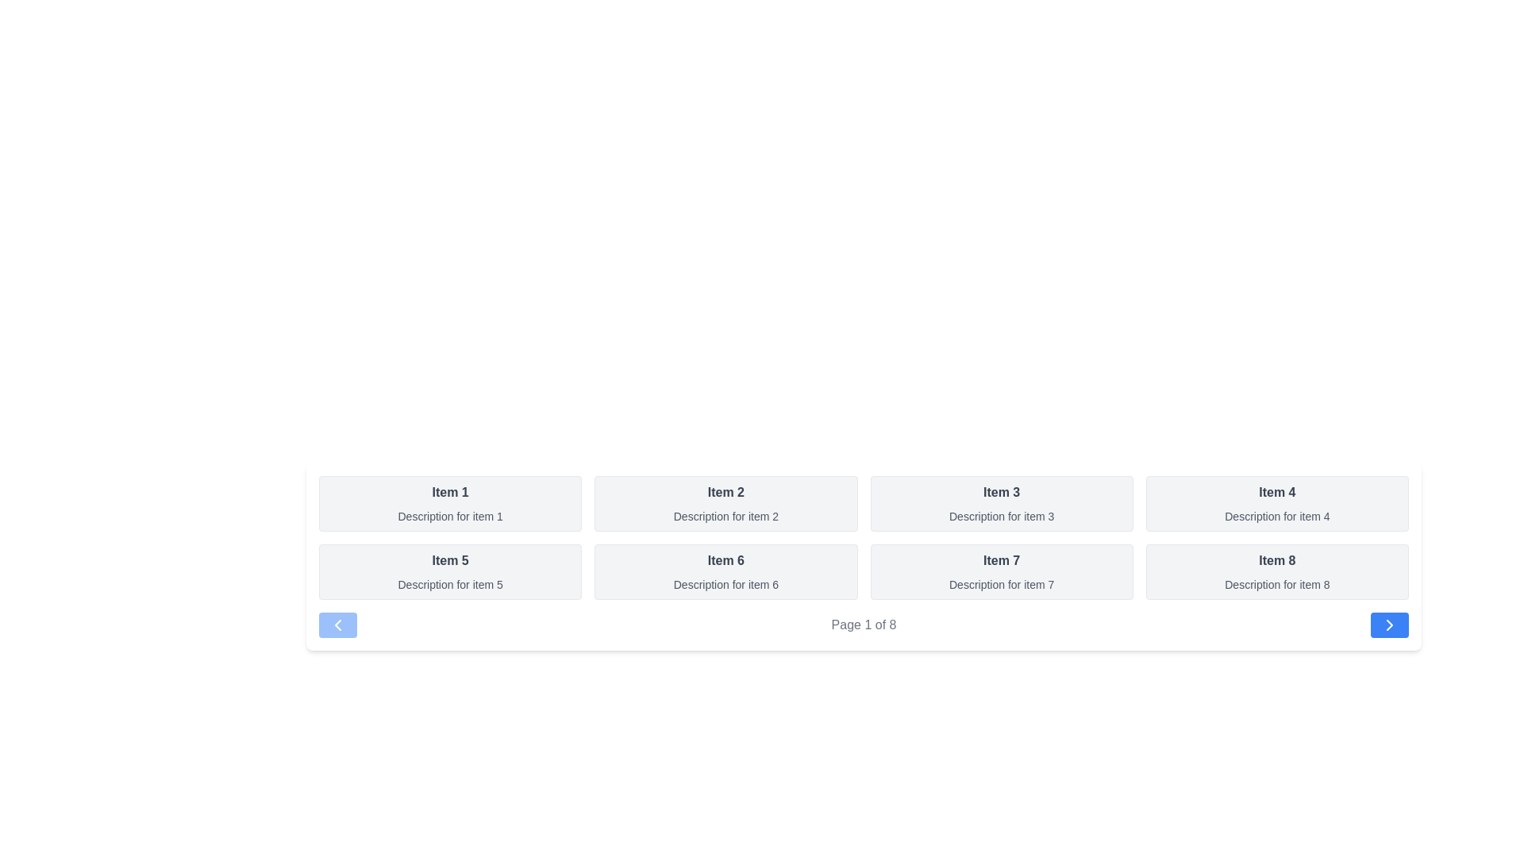  I want to click on bold text 'Item 8' displayed in dark gray on a light gray background, located at the bottom-right corner of the grid layout above the description text 'Description for item 8', so click(1277, 559).